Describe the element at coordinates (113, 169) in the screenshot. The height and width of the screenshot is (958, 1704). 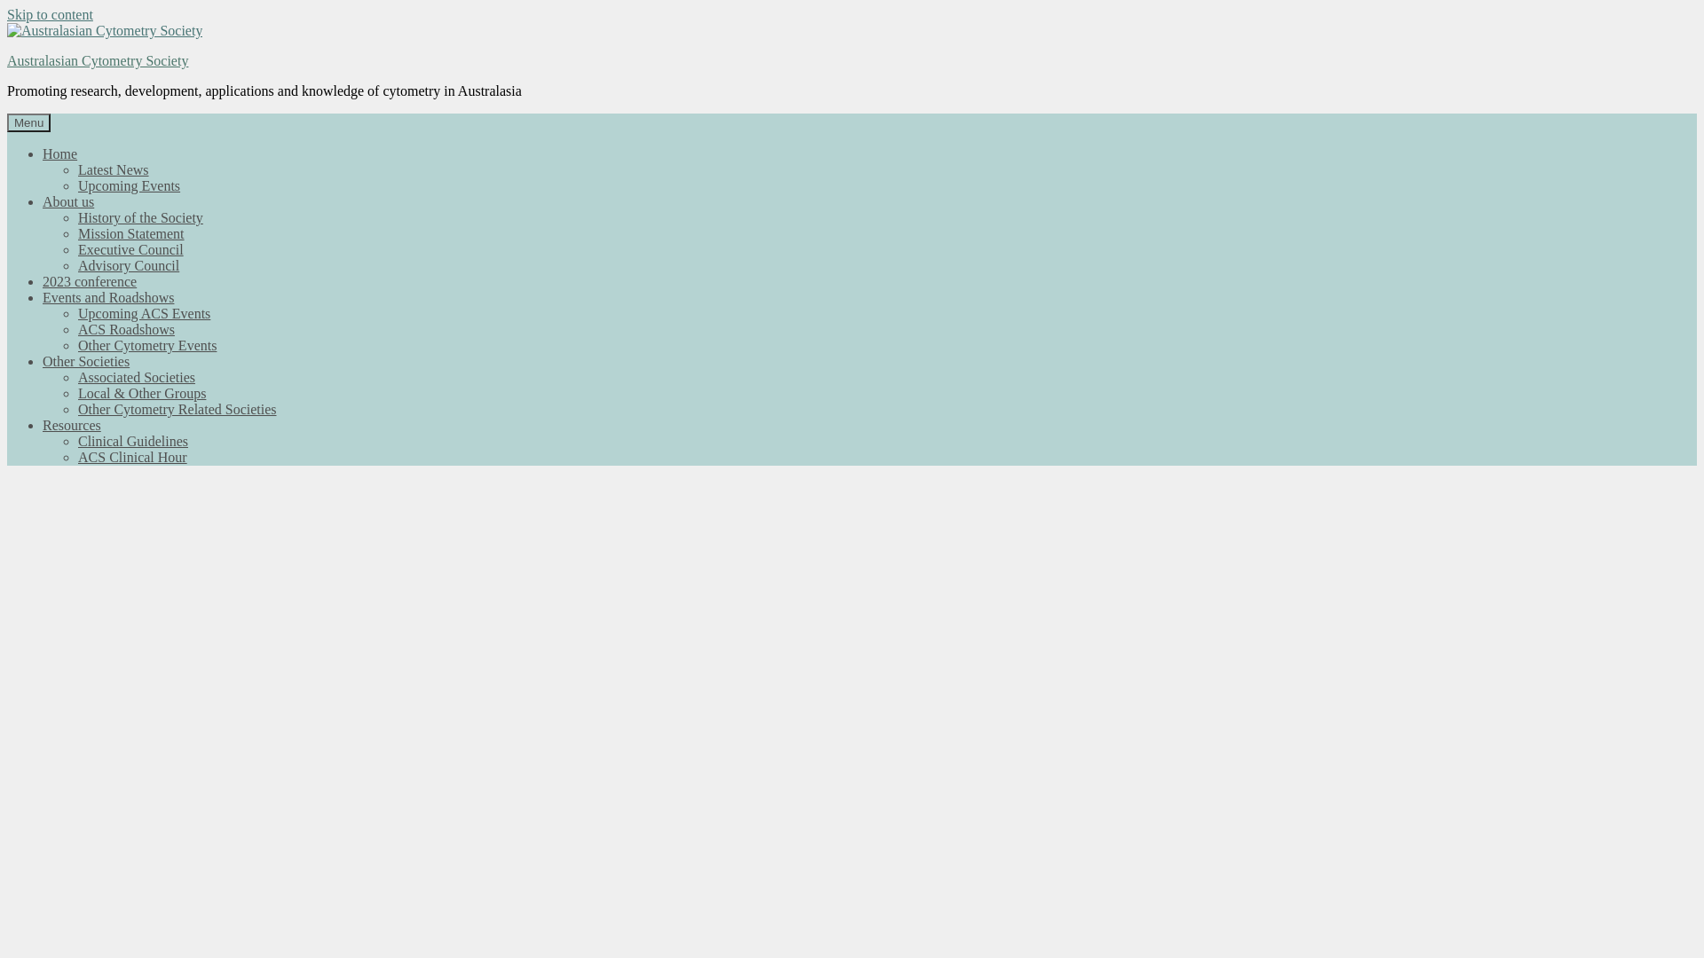
I see `'Latest News'` at that location.